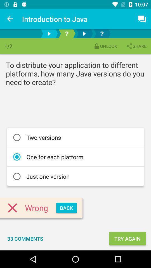 The width and height of the screenshot is (151, 268). Describe the element at coordinates (136, 46) in the screenshot. I see `the item to the right of the unlock` at that location.